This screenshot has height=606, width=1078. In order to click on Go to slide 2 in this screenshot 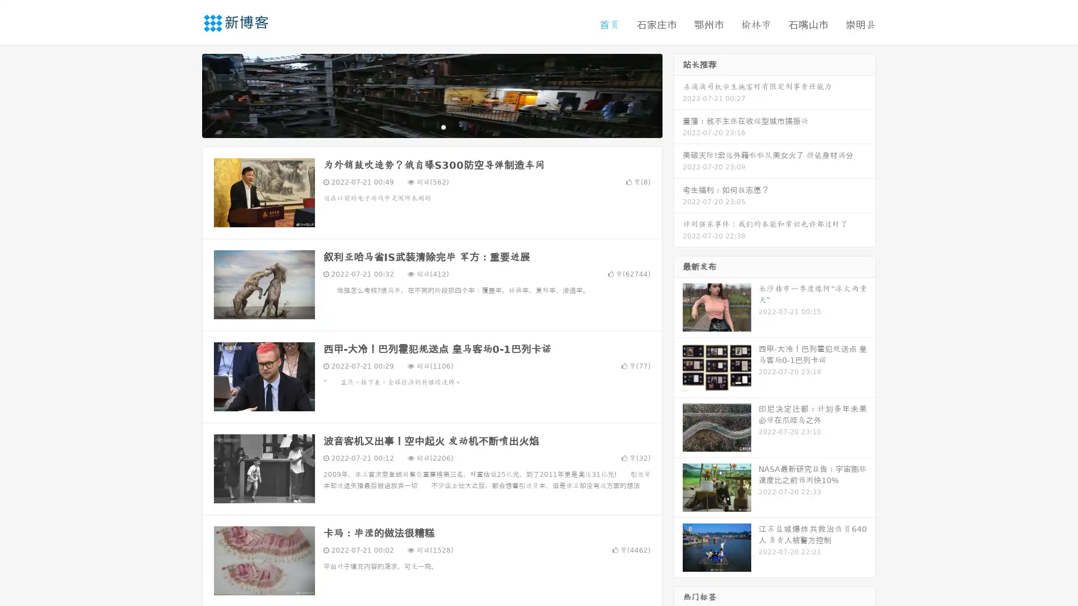, I will do `click(431, 126)`.